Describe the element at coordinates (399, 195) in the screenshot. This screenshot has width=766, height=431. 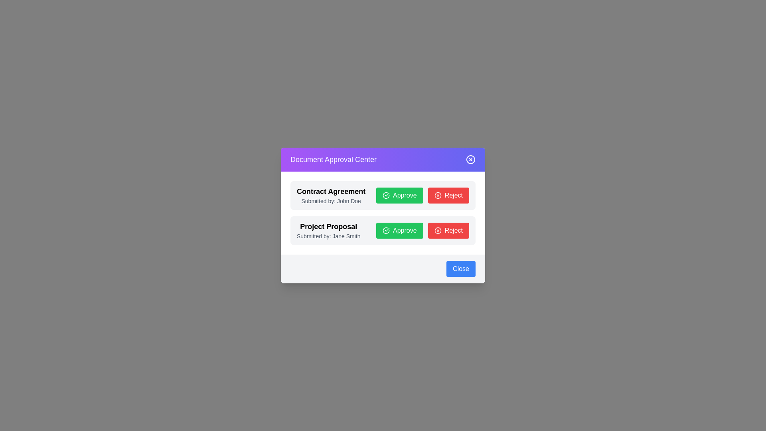
I see `the green 'Approve' button with rounded corners and a checkmark icon` at that location.